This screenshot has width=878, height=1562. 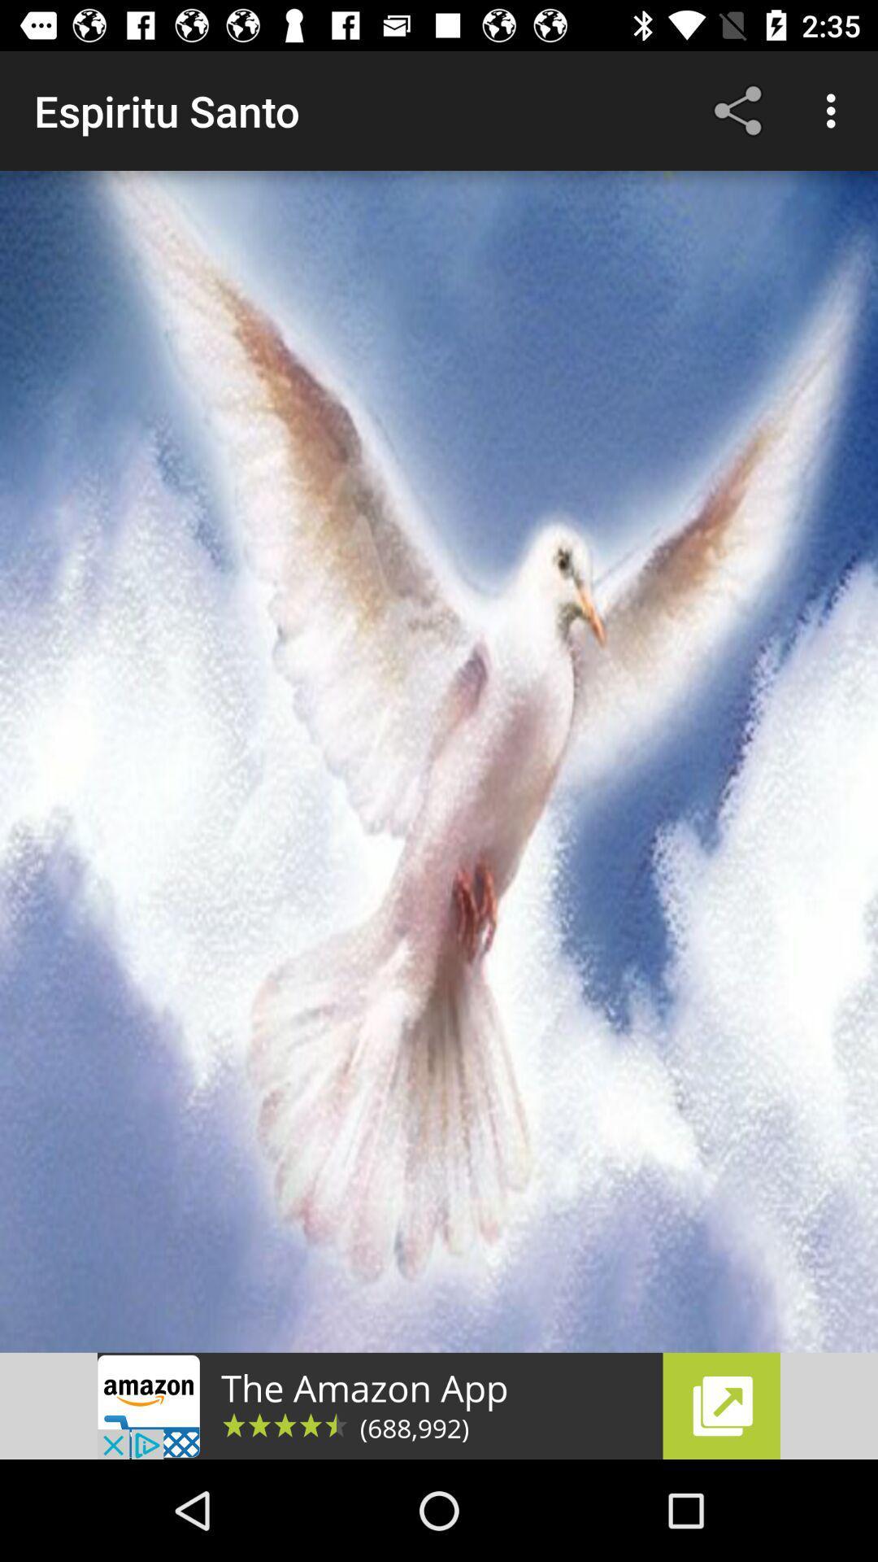 I want to click on external advertisement, so click(x=439, y=1405).